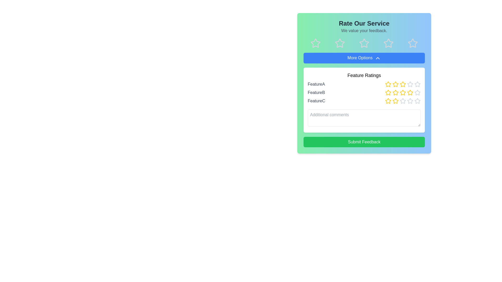  I want to click on the third star icon of the Rating component located in the 'Feature Ratings' section next to the label 'FeatureC' to set a rating, so click(402, 101).